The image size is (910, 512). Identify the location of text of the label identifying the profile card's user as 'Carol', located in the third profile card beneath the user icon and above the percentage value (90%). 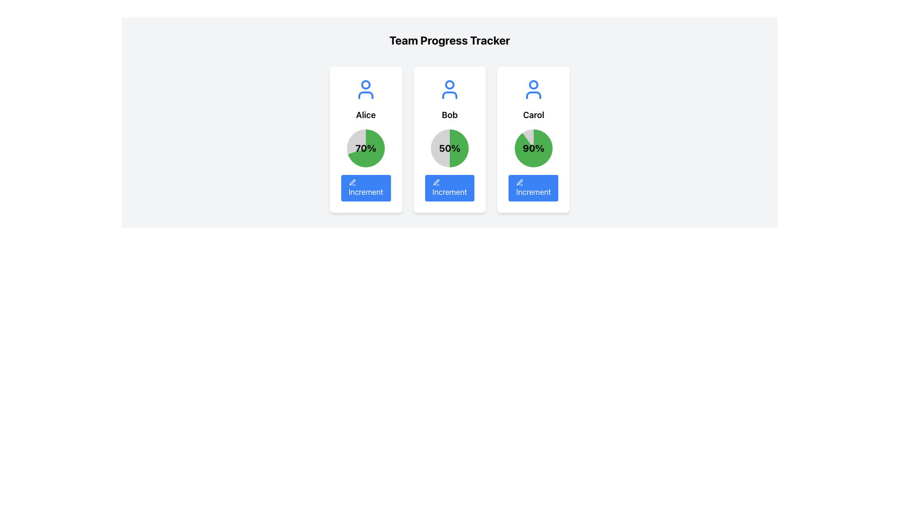
(533, 115).